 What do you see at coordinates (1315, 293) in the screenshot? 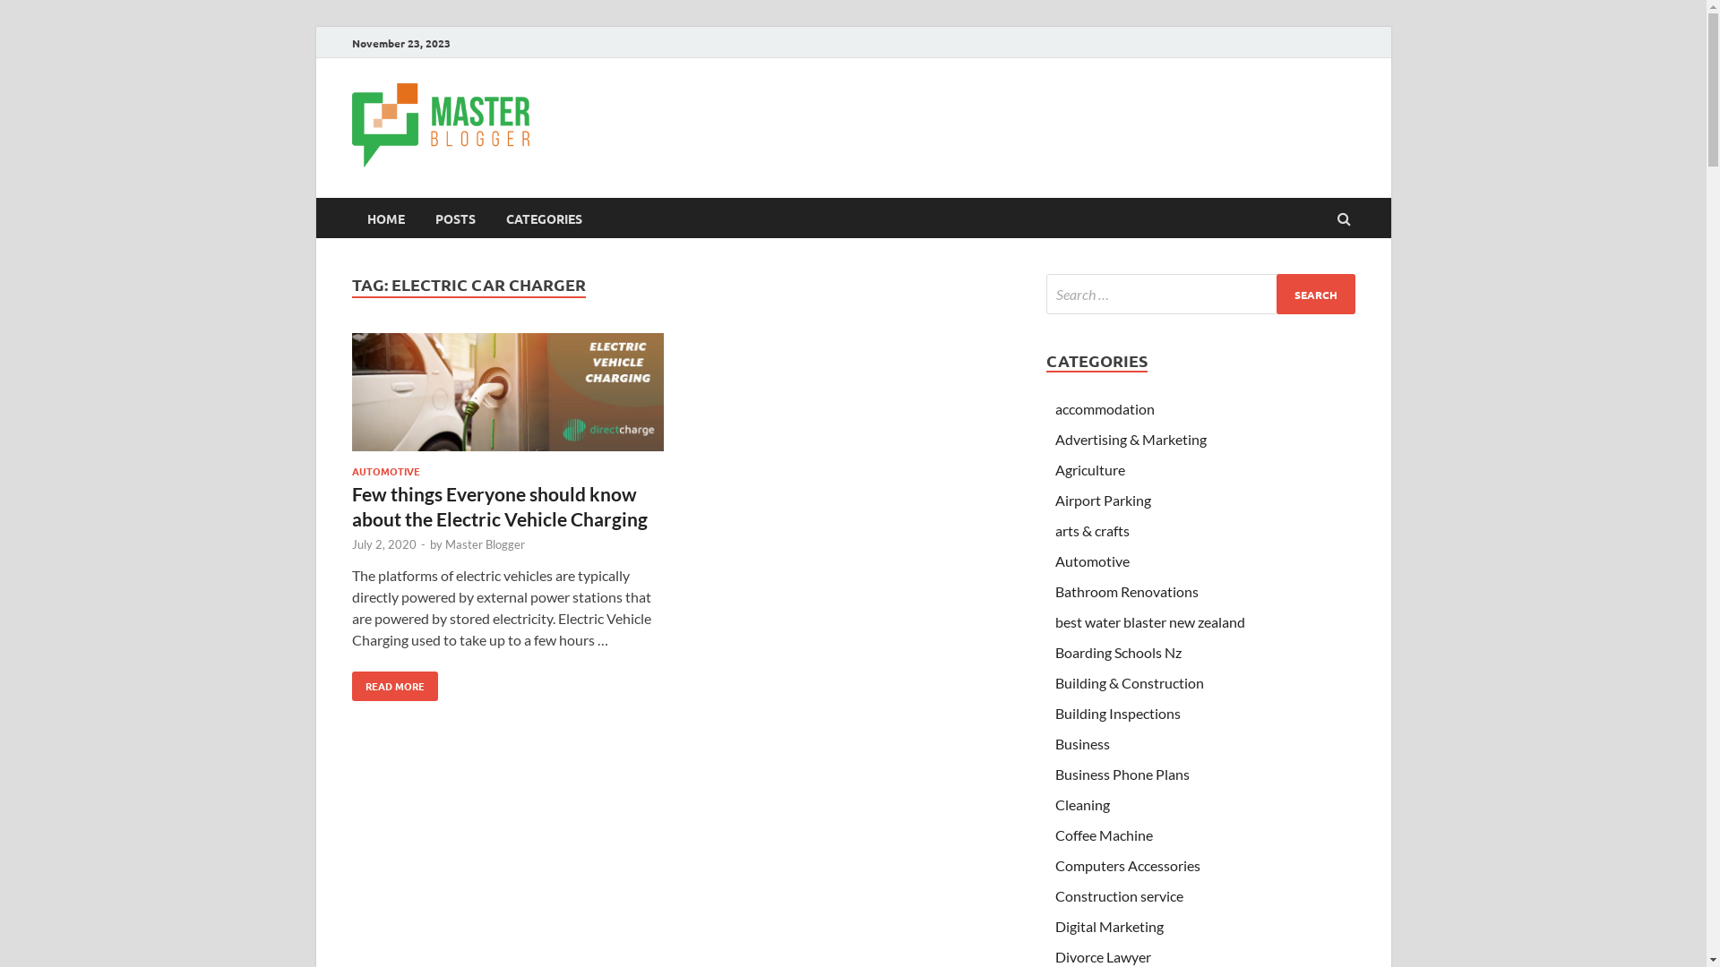
I see `'Search'` at bounding box center [1315, 293].